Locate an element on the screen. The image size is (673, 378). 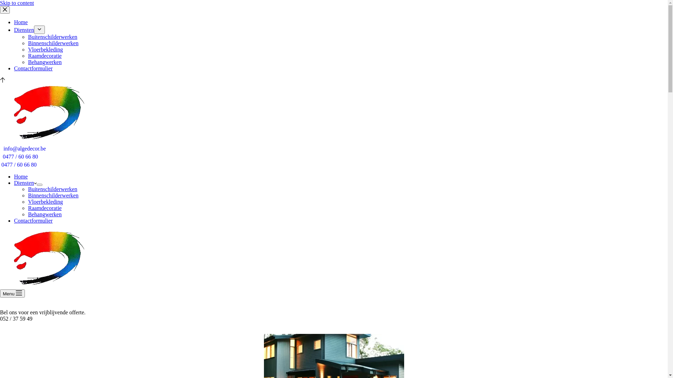
'Binnenschilderwerken' is located at coordinates (28, 195).